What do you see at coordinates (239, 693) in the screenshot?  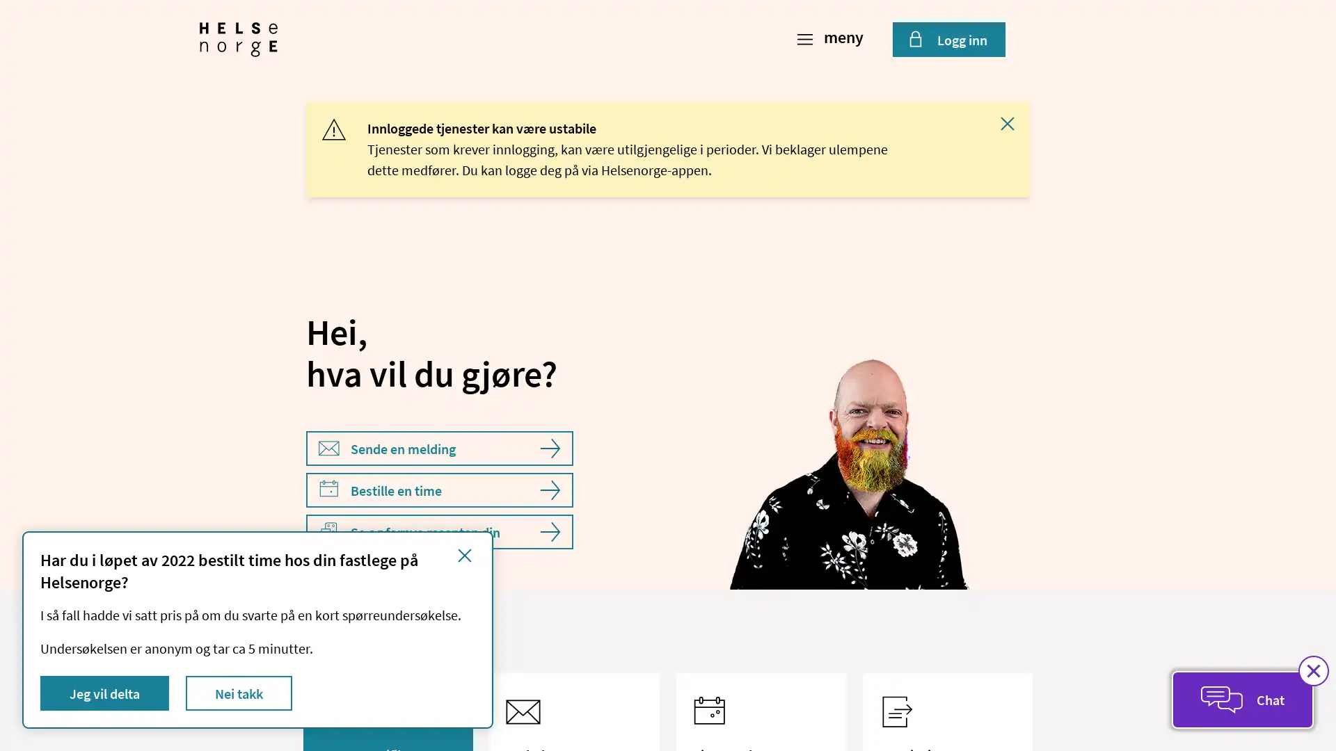 I see `Nei takk` at bounding box center [239, 693].